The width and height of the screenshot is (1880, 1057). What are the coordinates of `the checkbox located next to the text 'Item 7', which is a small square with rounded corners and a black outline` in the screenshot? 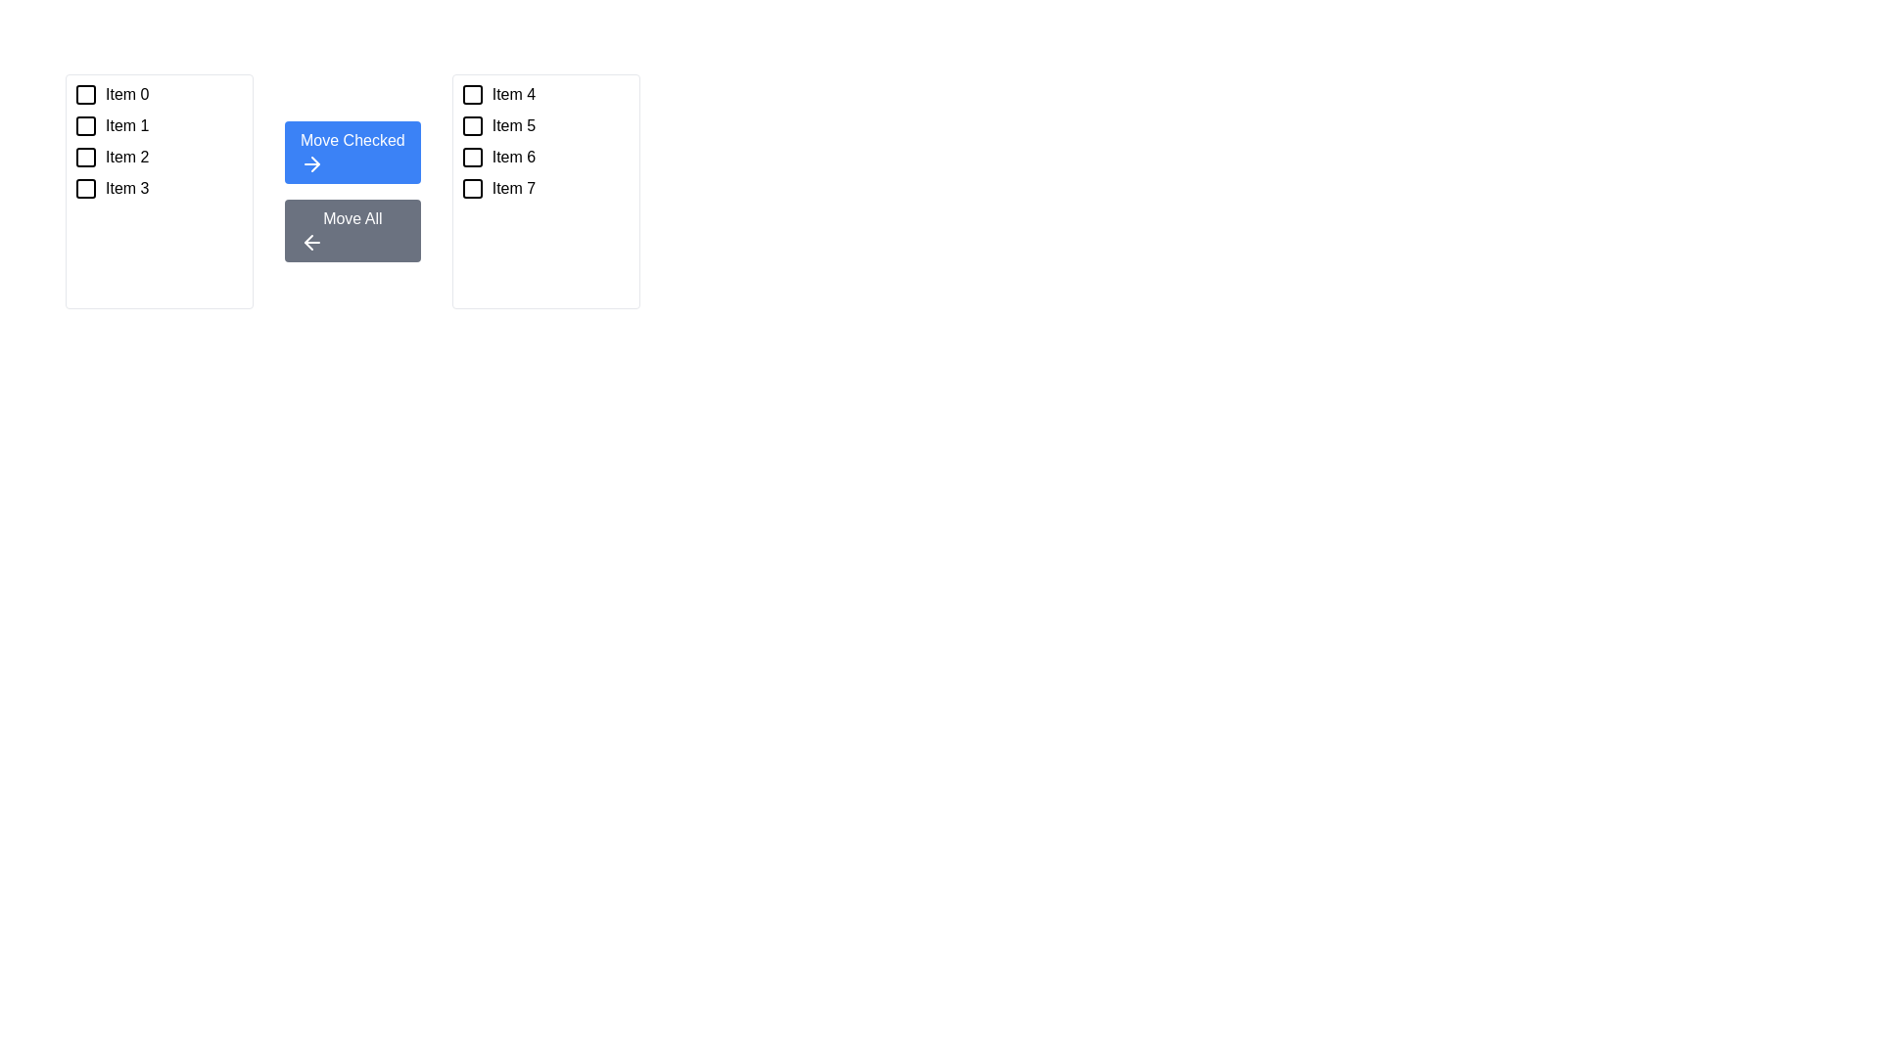 It's located at (472, 188).